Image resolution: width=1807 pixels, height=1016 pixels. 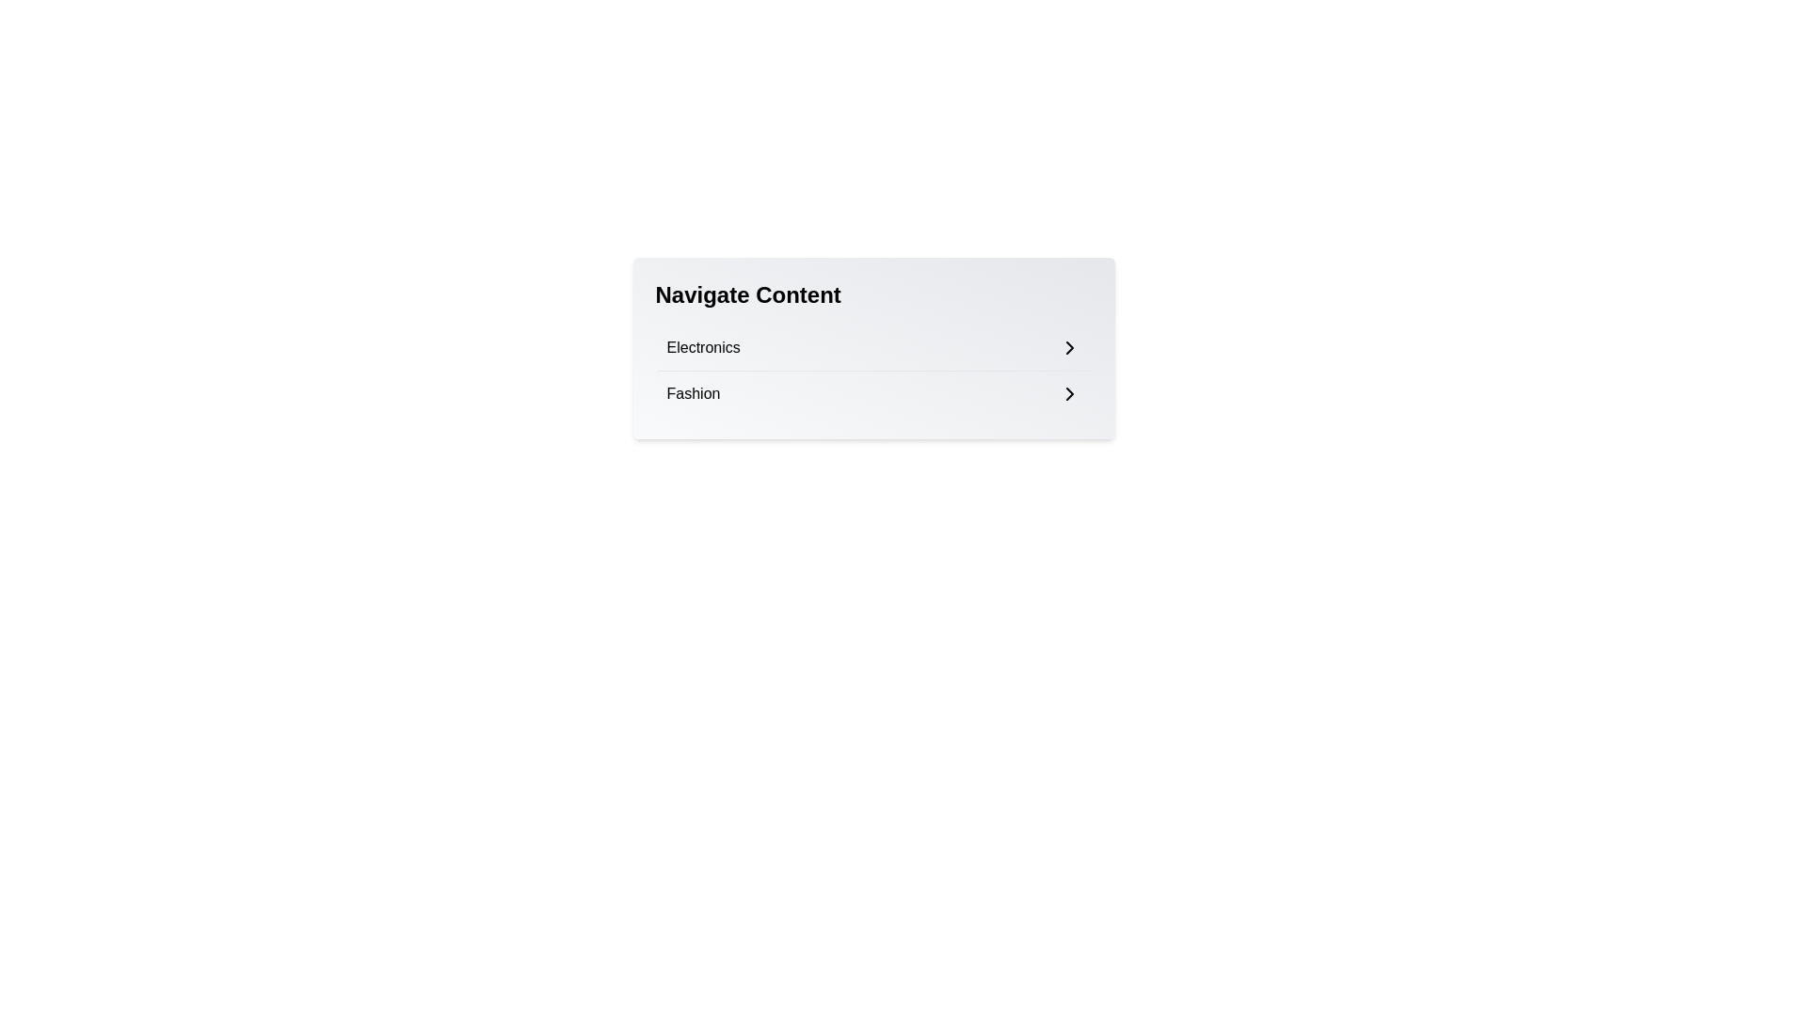 I want to click on the right-pointing chevron icon located at the far-right end of the 'Electronics' row in the 'Navigate Content' section, so click(x=1069, y=348).